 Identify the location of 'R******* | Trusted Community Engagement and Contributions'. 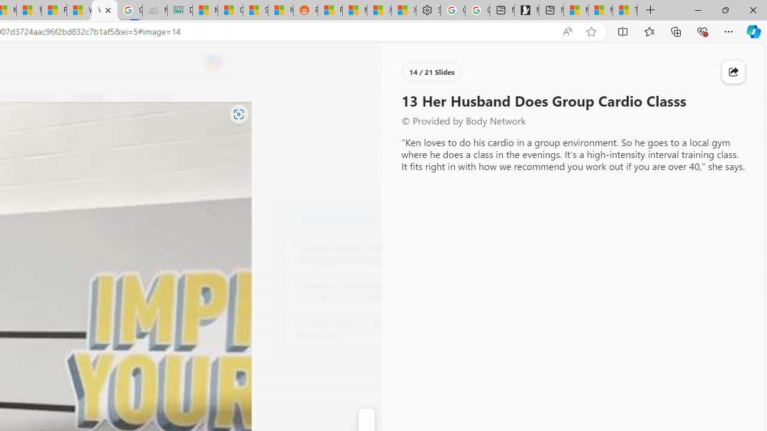
(330, 10).